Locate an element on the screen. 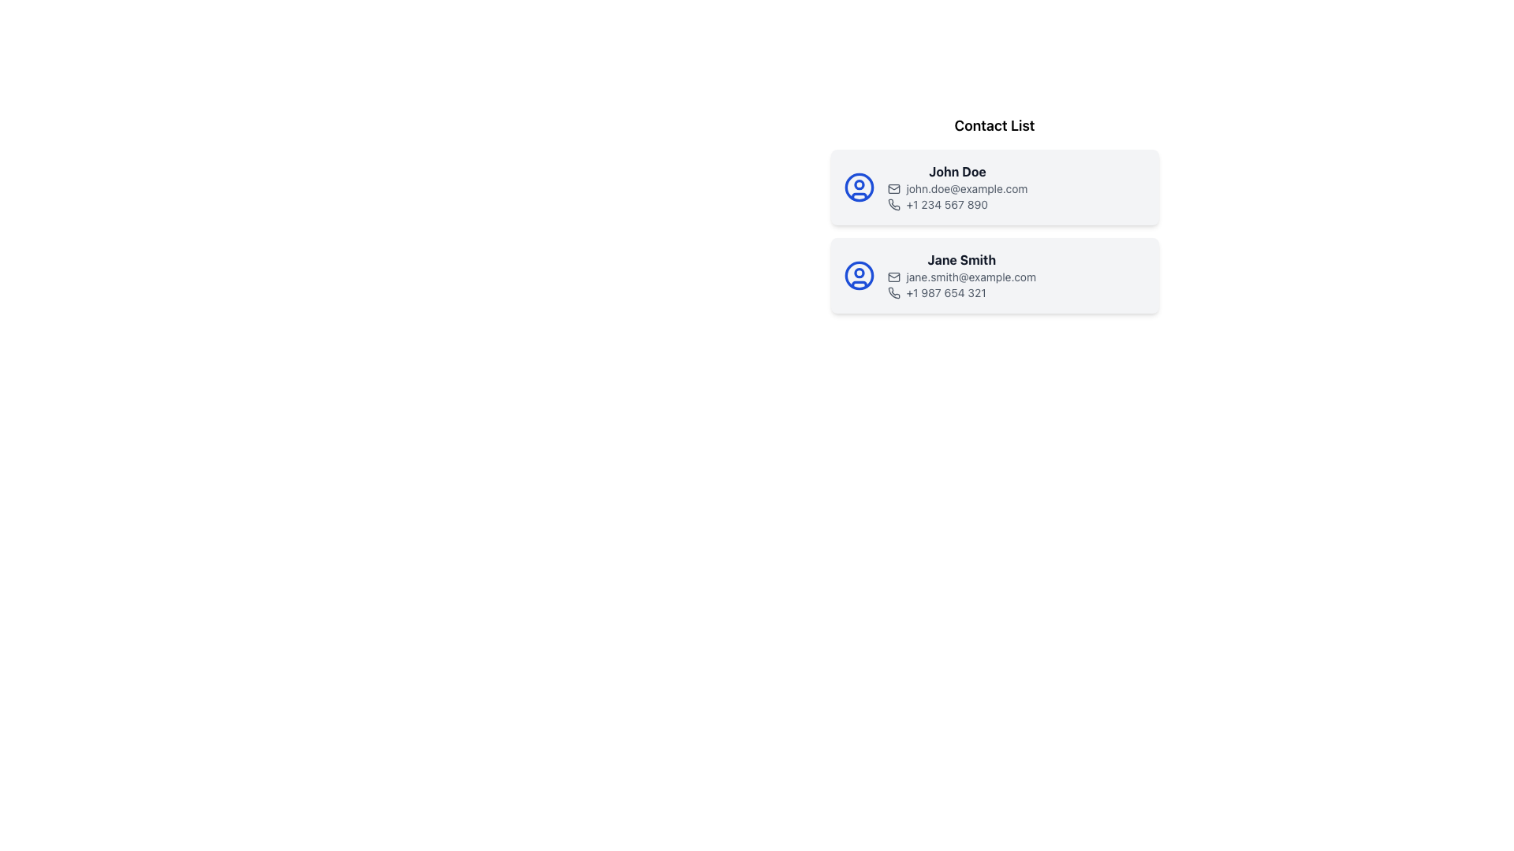 The image size is (1514, 851). the circular graphical icon component with a blue outline representing the contact profile of 'John Doe' is located at coordinates (858, 187).